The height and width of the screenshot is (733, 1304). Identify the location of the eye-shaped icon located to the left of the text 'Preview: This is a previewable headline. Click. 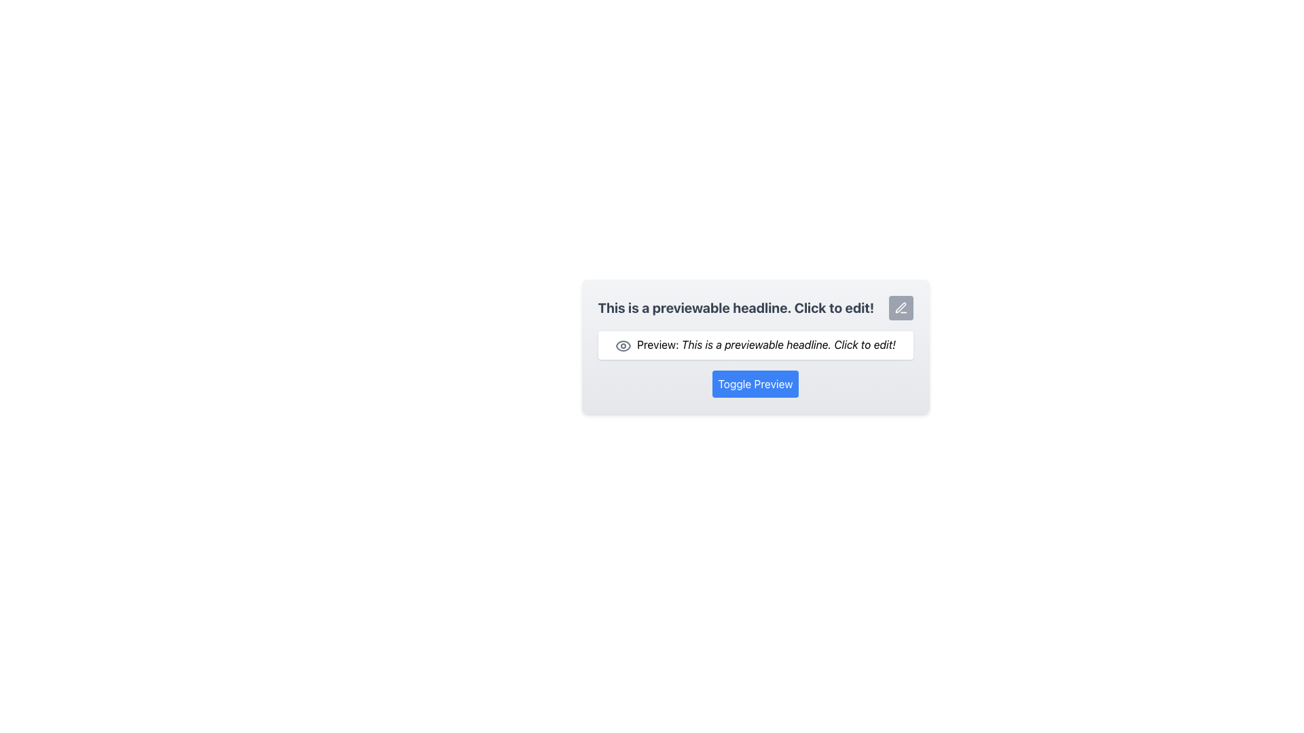
(623, 345).